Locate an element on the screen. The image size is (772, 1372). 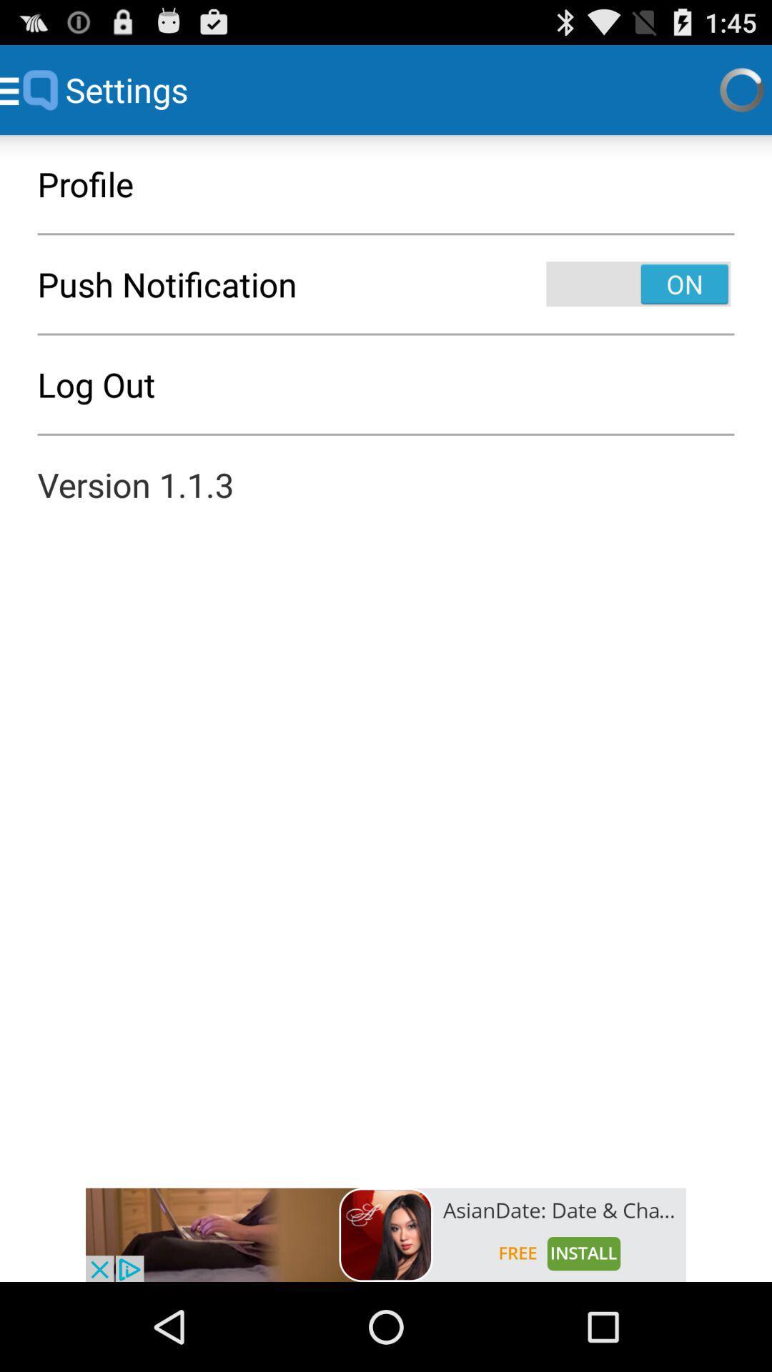
open advertisement is located at coordinates (386, 1234).